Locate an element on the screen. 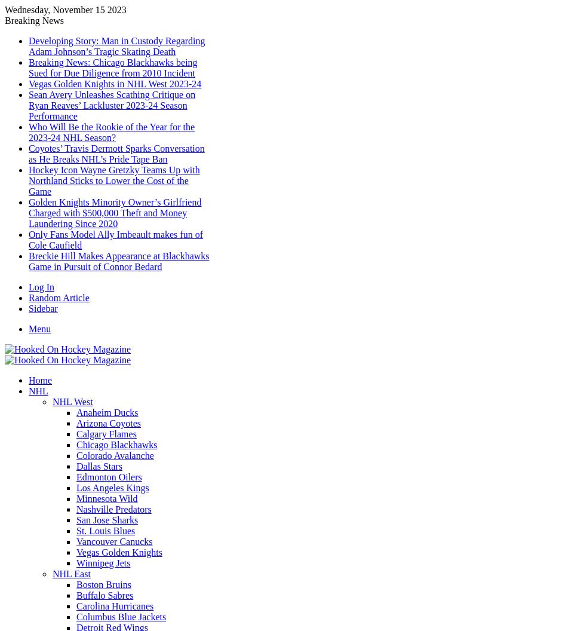  'Home' is located at coordinates (40, 379).